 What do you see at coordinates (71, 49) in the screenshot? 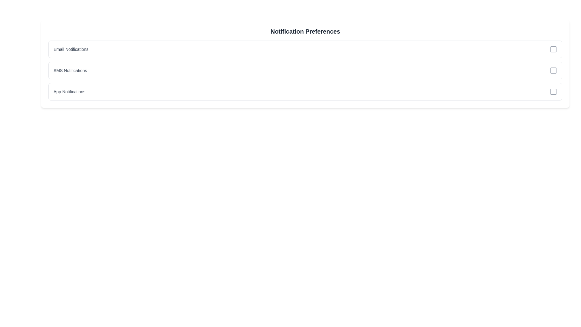
I see `the 'Email Notifications' text label, which is styled in medium gray and is the first option in the Notification Preferences list` at bounding box center [71, 49].